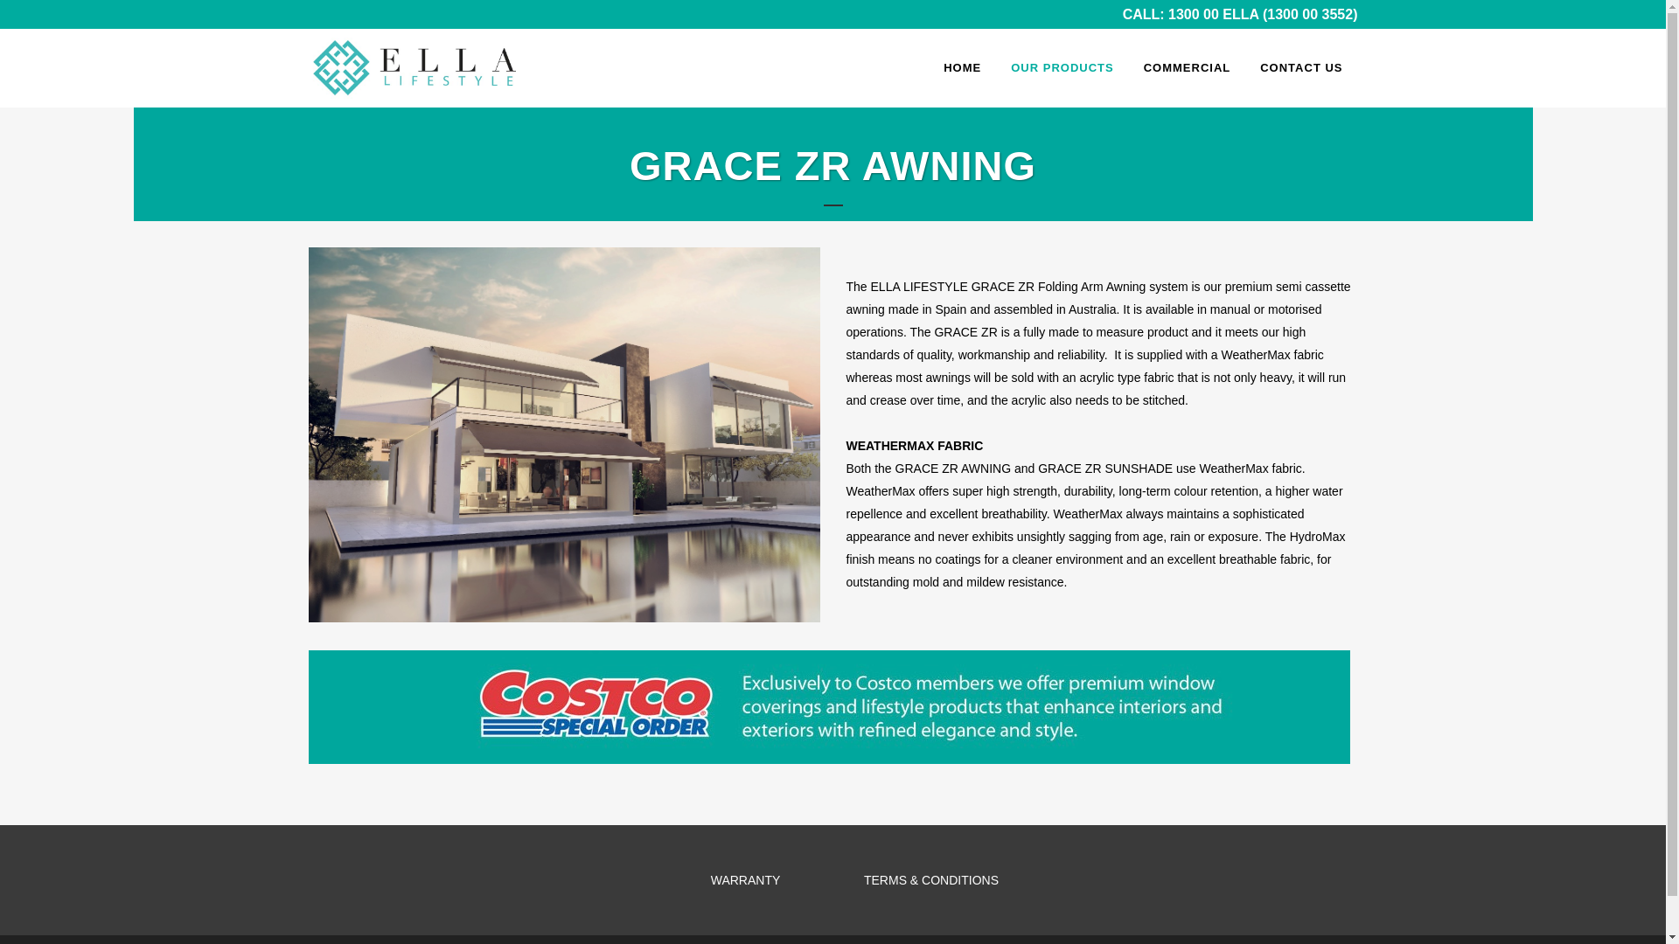 This screenshot has width=1679, height=944. Describe the element at coordinates (961, 66) in the screenshot. I see `'HOME'` at that location.